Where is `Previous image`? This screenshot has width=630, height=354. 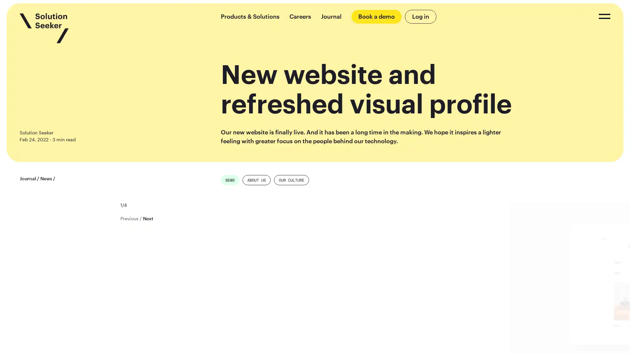 Previous image is located at coordinates (129, 218).